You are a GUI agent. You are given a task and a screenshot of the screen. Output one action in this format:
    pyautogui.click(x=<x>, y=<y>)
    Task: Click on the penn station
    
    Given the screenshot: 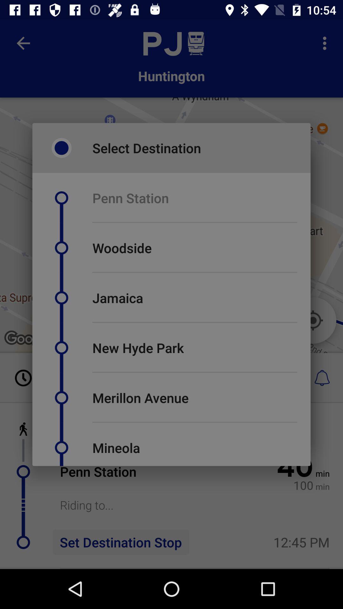 What is the action you would take?
    pyautogui.click(x=130, y=198)
    